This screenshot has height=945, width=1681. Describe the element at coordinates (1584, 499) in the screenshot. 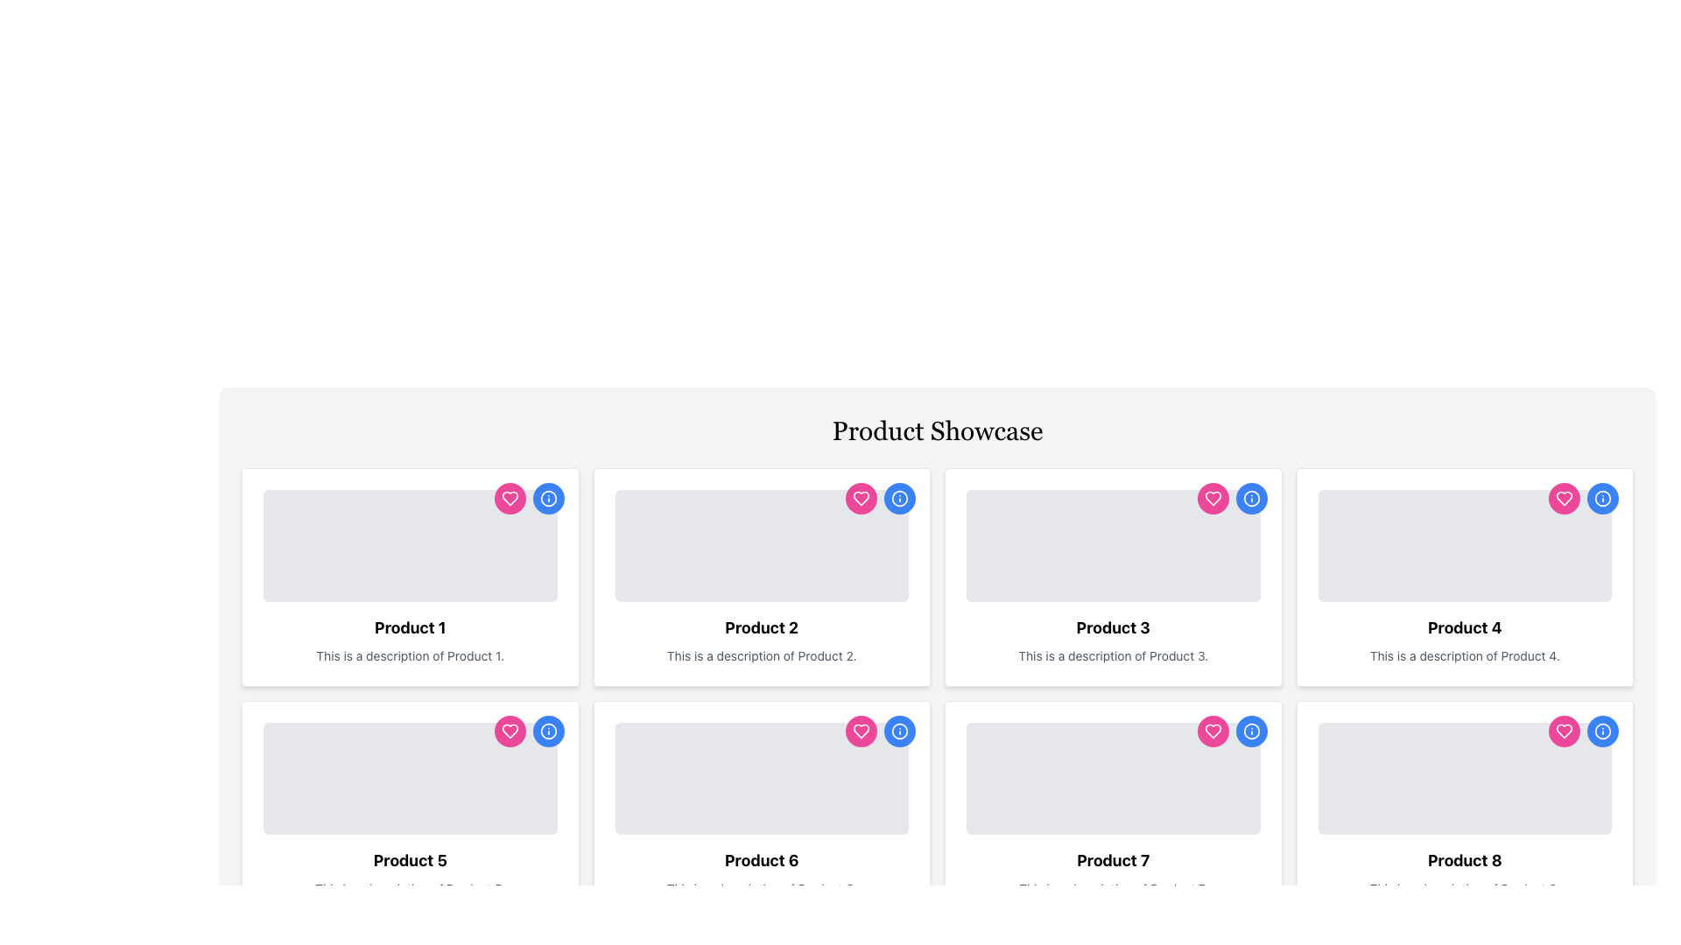

I see `the blue info button located in the top-right corner of the 'Product 4' card, which is in the second row and fourth column of the grid` at that location.